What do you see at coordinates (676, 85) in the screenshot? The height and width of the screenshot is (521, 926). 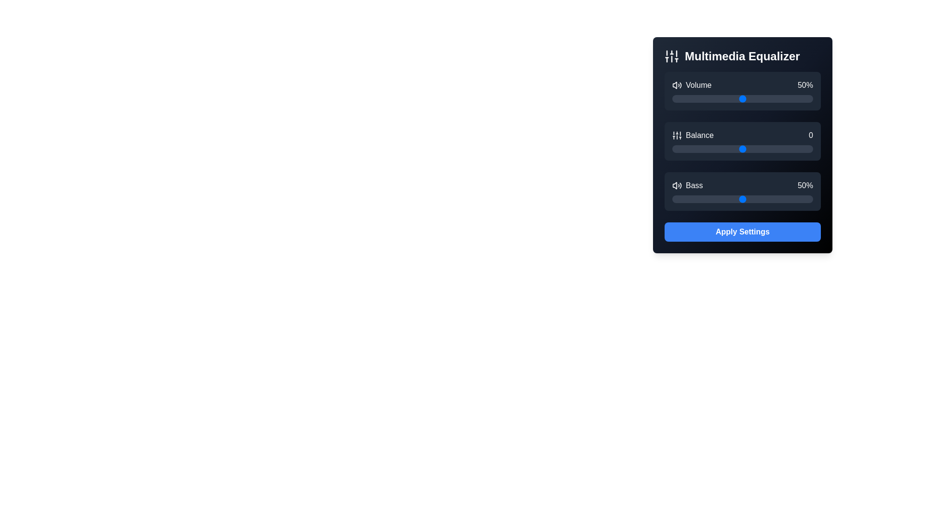 I see `the Volume control icon located to the left of the 'Volume' text in the settings panel` at bounding box center [676, 85].